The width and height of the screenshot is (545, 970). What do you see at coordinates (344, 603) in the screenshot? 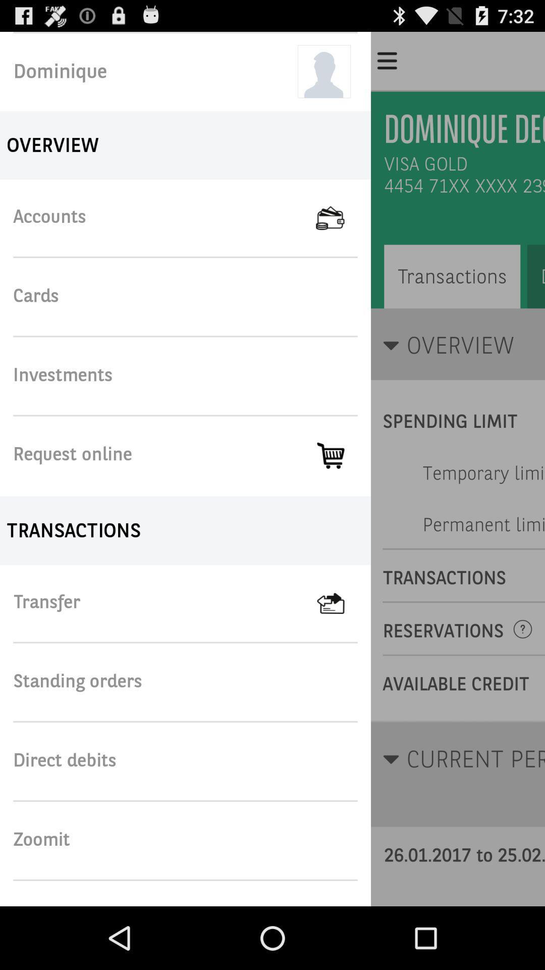
I see `the button which is next to the transfer` at bounding box center [344, 603].